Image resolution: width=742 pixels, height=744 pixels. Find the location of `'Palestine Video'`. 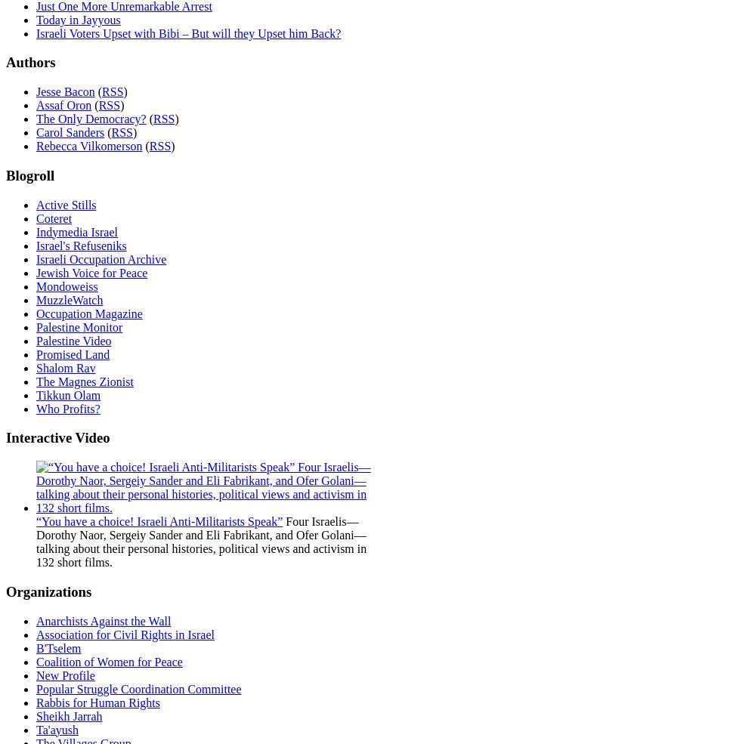

'Palestine Video' is located at coordinates (36, 339).